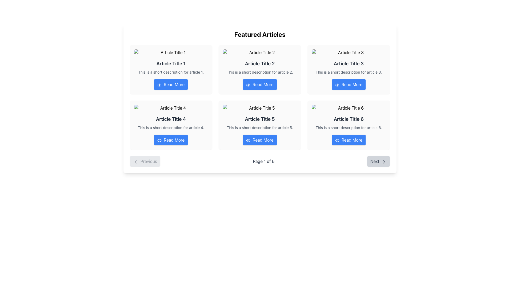 The image size is (512, 288). What do you see at coordinates (260, 139) in the screenshot?
I see `the button located under the section titled 'Article Title 5' for keyboard navigation support` at bounding box center [260, 139].